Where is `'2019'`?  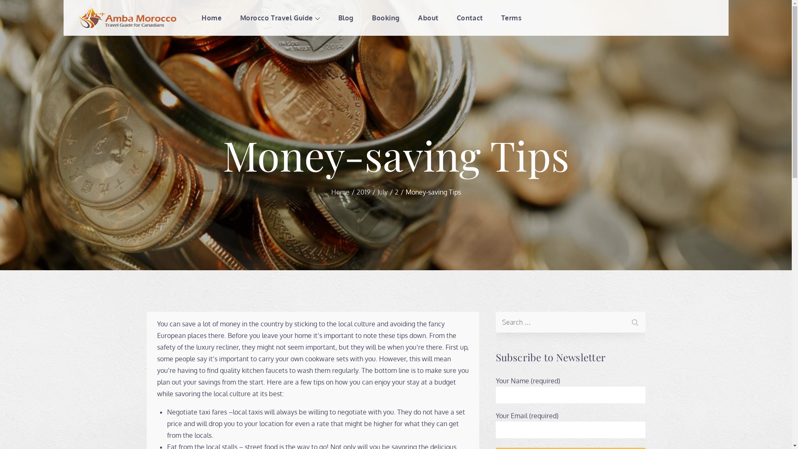
'2019' is located at coordinates (363, 192).